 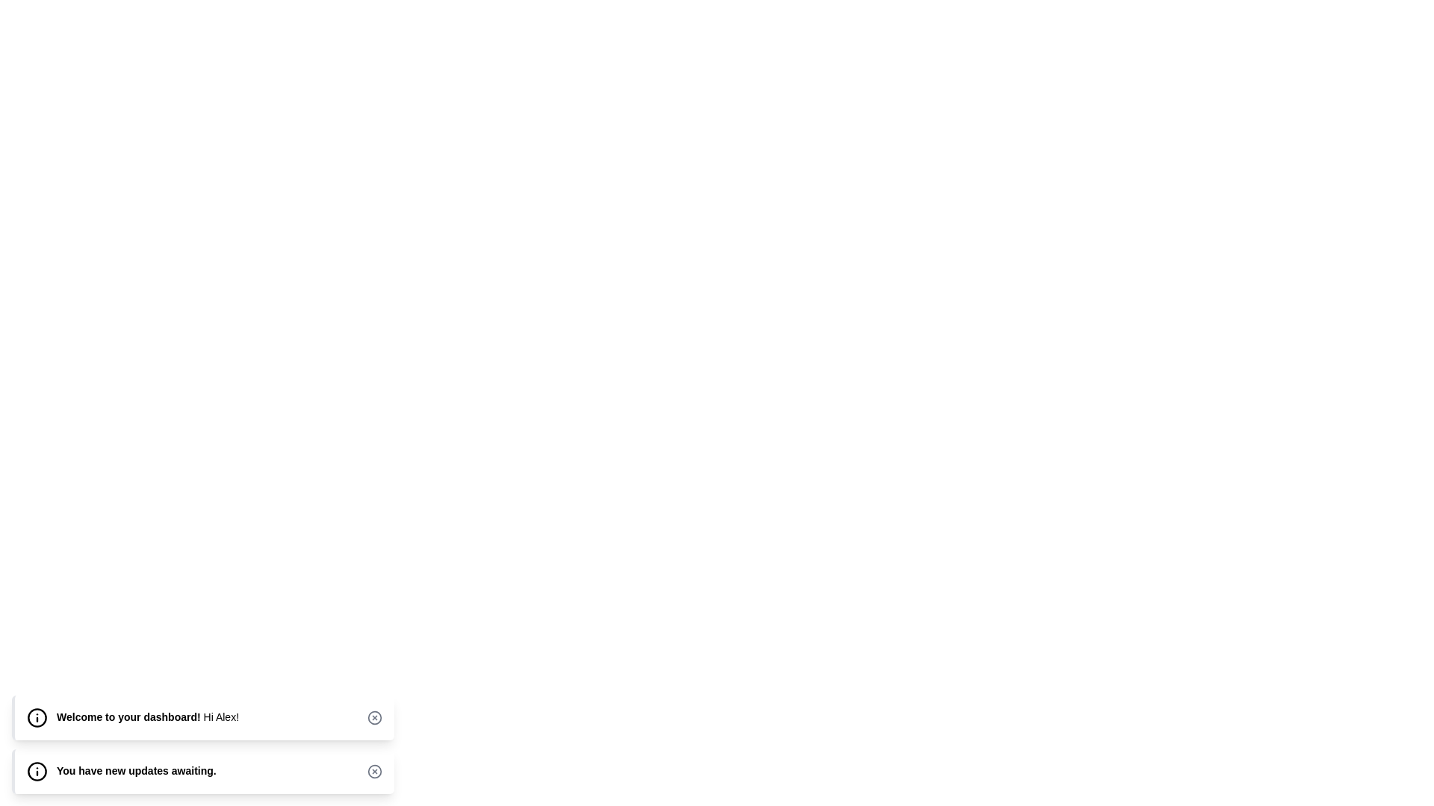 What do you see at coordinates (375, 771) in the screenshot?
I see `the small gray circular button with a cross mark inside, positioned at the far right of the notification card` at bounding box center [375, 771].